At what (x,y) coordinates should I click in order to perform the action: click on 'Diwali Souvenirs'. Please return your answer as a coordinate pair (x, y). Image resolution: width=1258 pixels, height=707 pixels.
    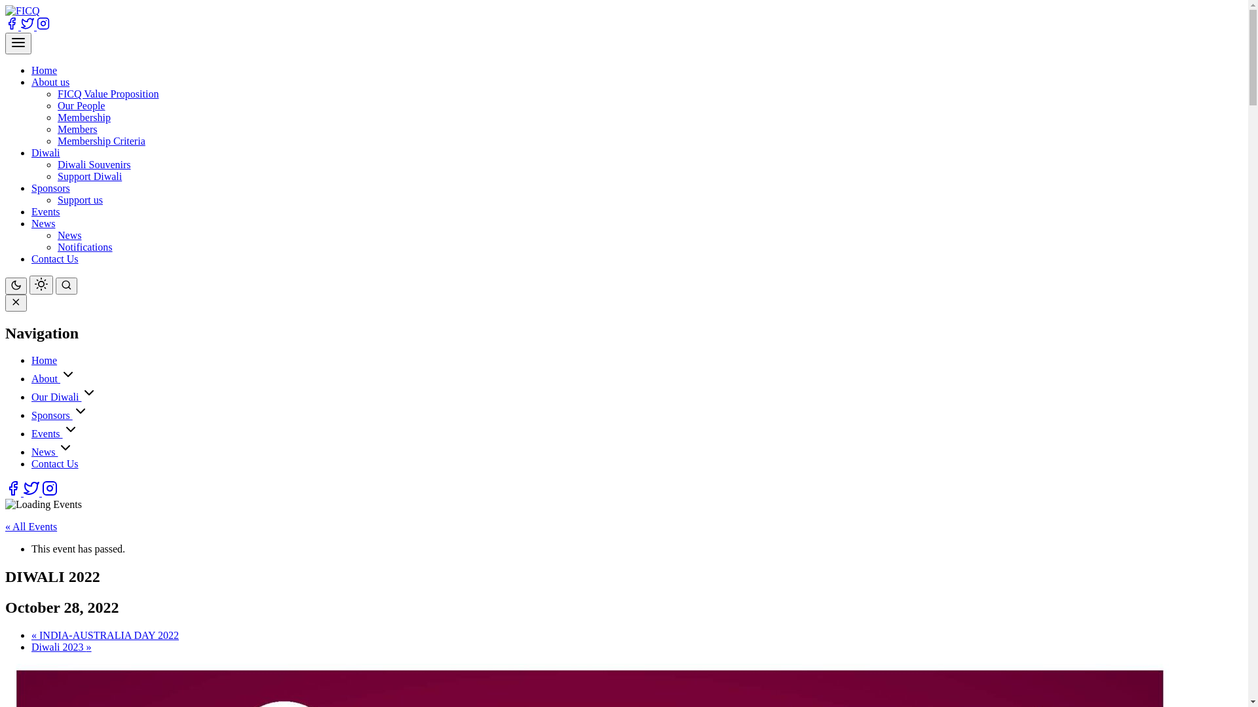
    Looking at the image, I should click on (94, 164).